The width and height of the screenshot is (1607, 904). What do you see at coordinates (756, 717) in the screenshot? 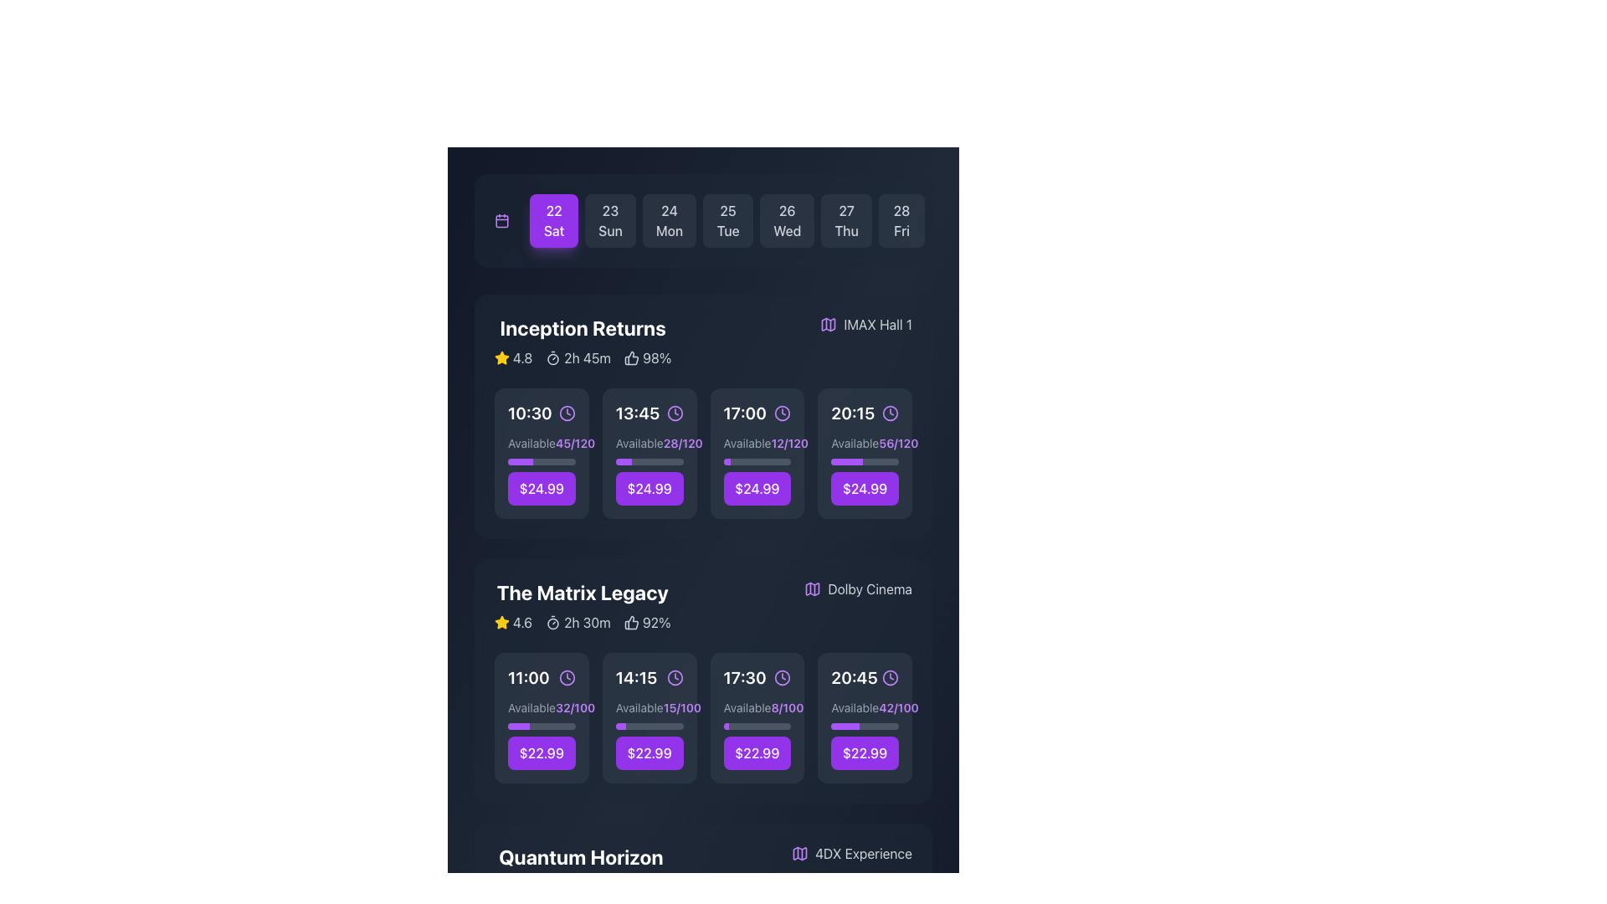
I see `the time slot card for '17:30' showing availability of 8 out of 100 tickets priced at $22.99` at bounding box center [756, 717].